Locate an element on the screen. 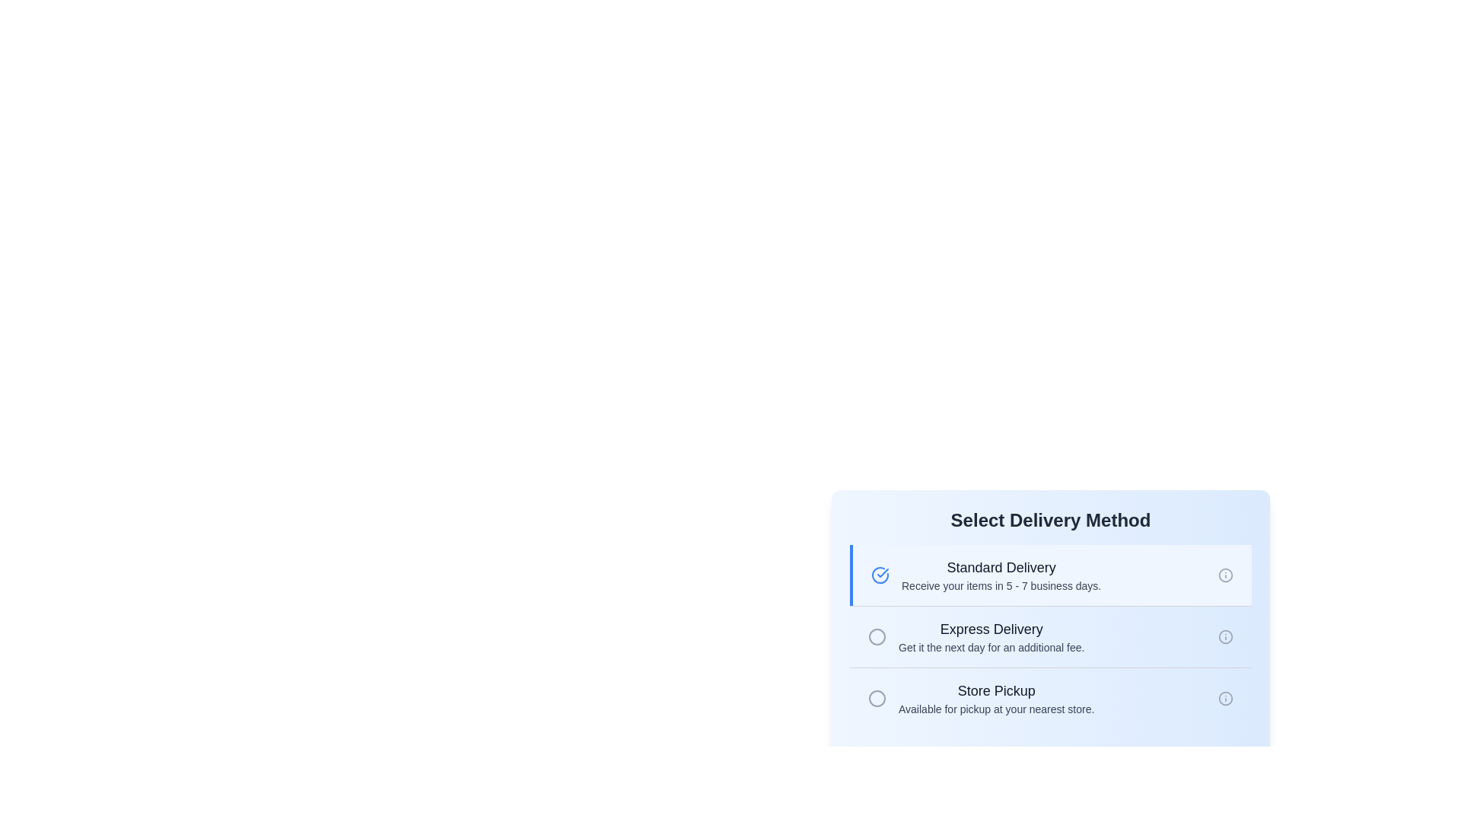 The image size is (1461, 822). the selection list of delivery methods to read the detailed descriptions provided for each option, located at the specified center point is located at coordinates (1050, 637).